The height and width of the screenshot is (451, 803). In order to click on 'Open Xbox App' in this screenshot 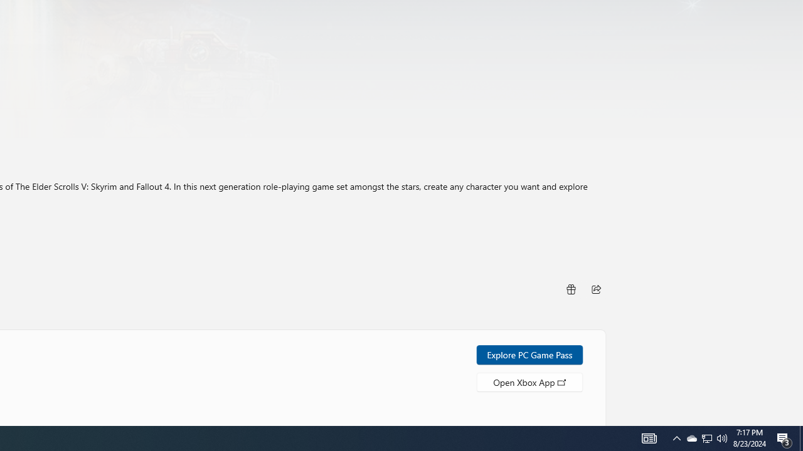, I will do `click(529, 381)`.